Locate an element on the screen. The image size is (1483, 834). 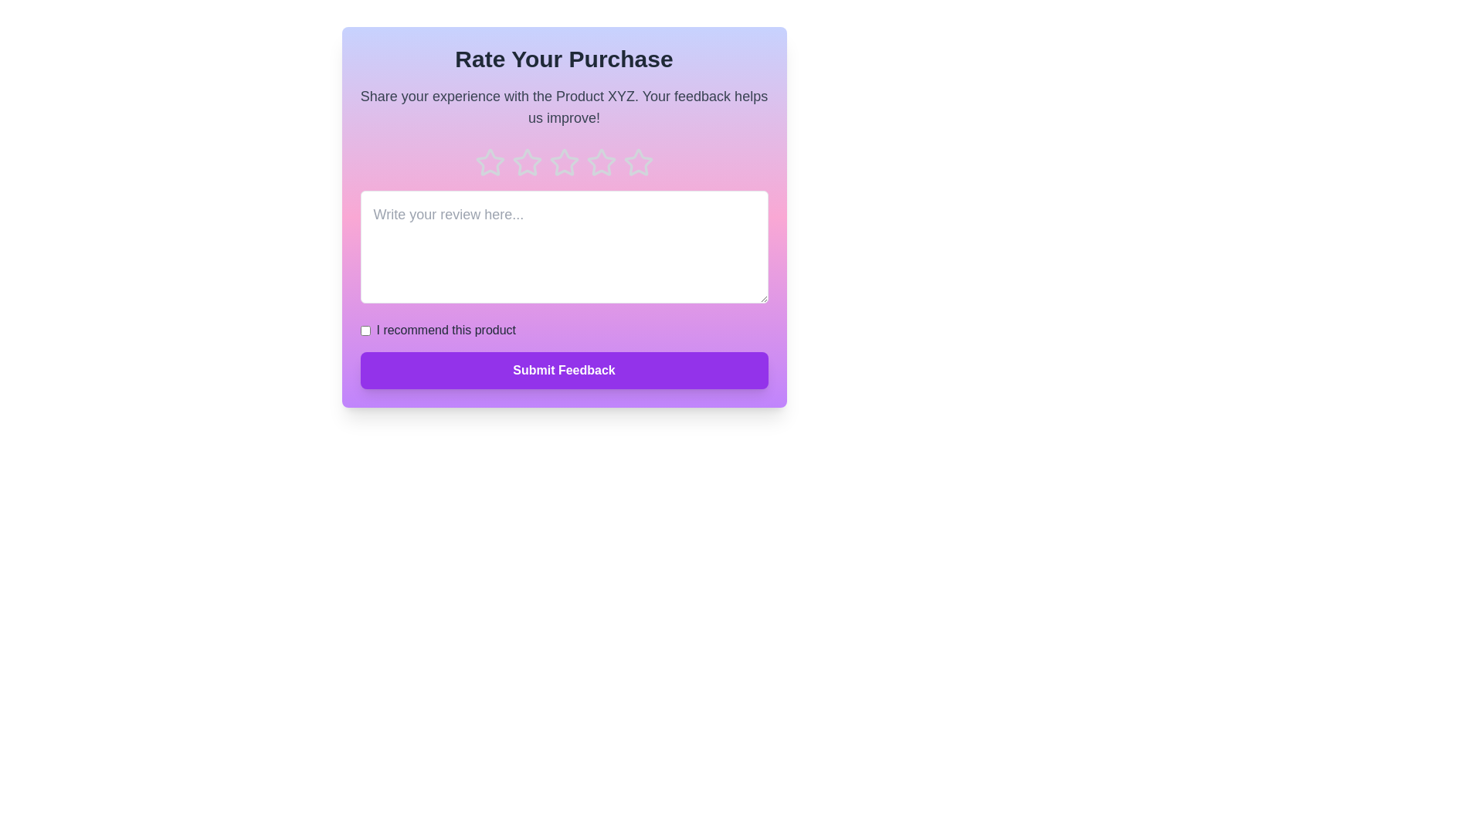
the checkbox labeled 'I recommend this product' to toggle its state is located at coordinates (365, 330).